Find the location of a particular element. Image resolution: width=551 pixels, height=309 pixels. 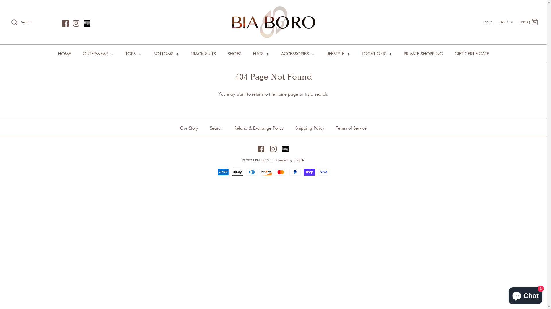

'BIA BORO' is located at coordinates (255, 160).